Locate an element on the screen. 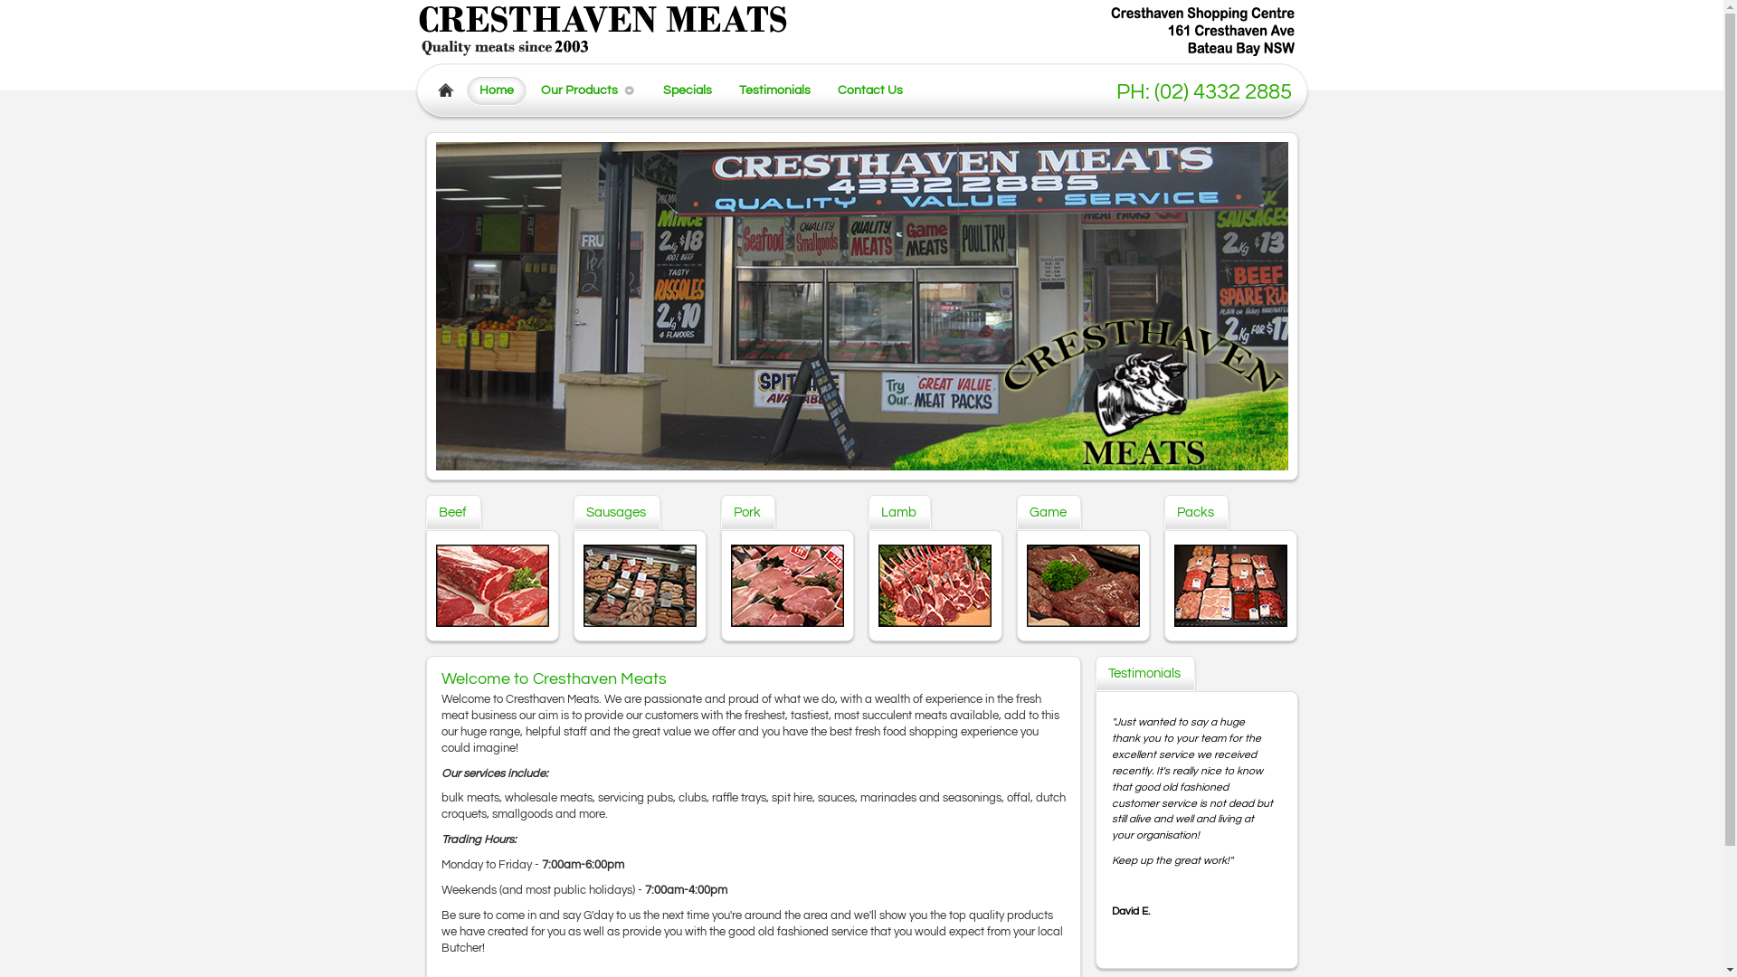 Image resolution: width=1737 pixels, height=977 pixels. 'Our Products' is located at coordinates (581, 90).